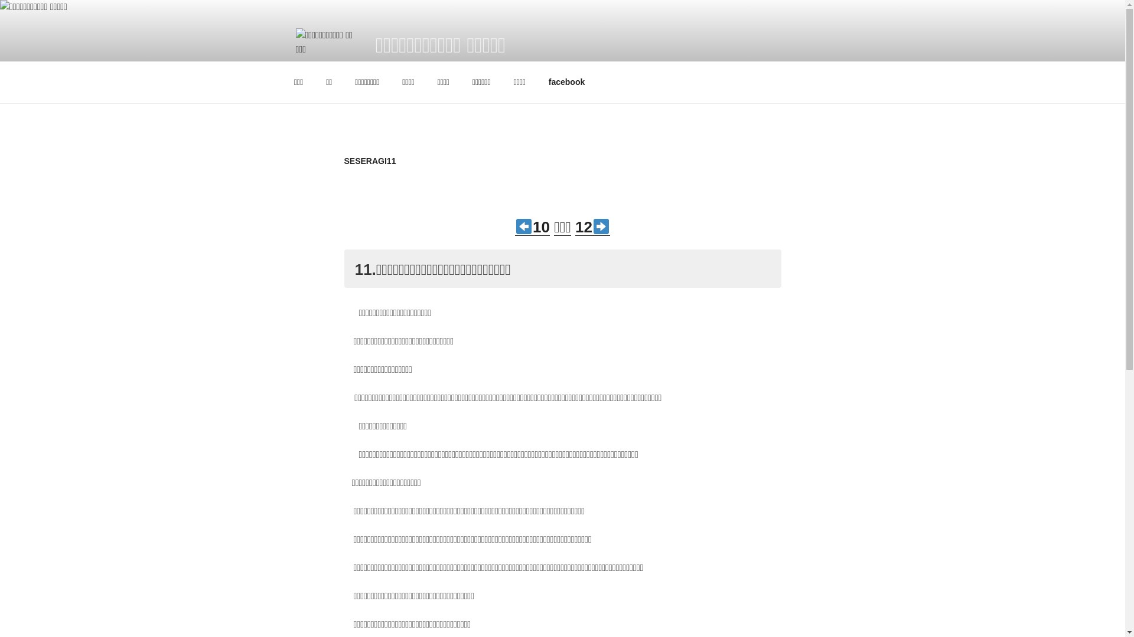 This screenshot has height=637, width=1134. Describe the element at coordinates (532, 227) in the screenshot. I see `'10'` at that location.